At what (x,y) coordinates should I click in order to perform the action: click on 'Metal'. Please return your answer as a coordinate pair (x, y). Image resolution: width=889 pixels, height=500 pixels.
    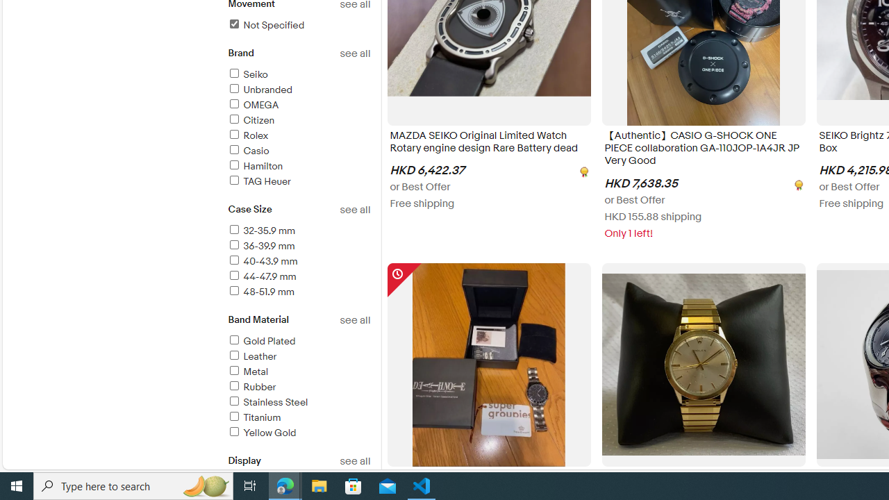
    Looking at the image, I should click on (247, 371).